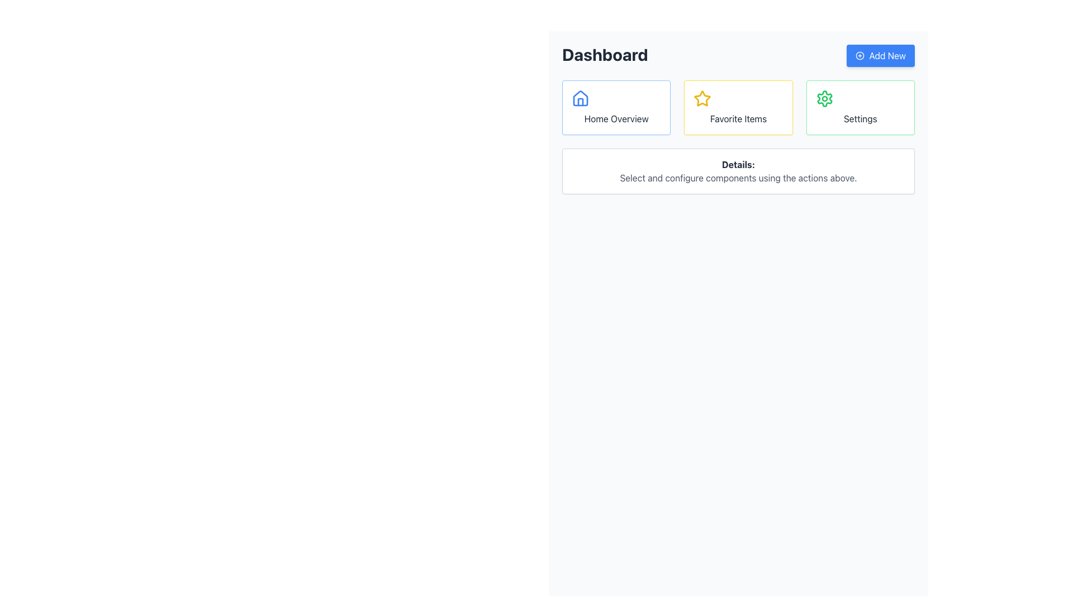 The image size is (1073, 603). Describe the element at coordinates (824, 98) in the screenshot. I see `the green gear icon representing settings, located at the center of the 'Settings' button which is the third button from the left under the 'Dashboard' heading` at that location.